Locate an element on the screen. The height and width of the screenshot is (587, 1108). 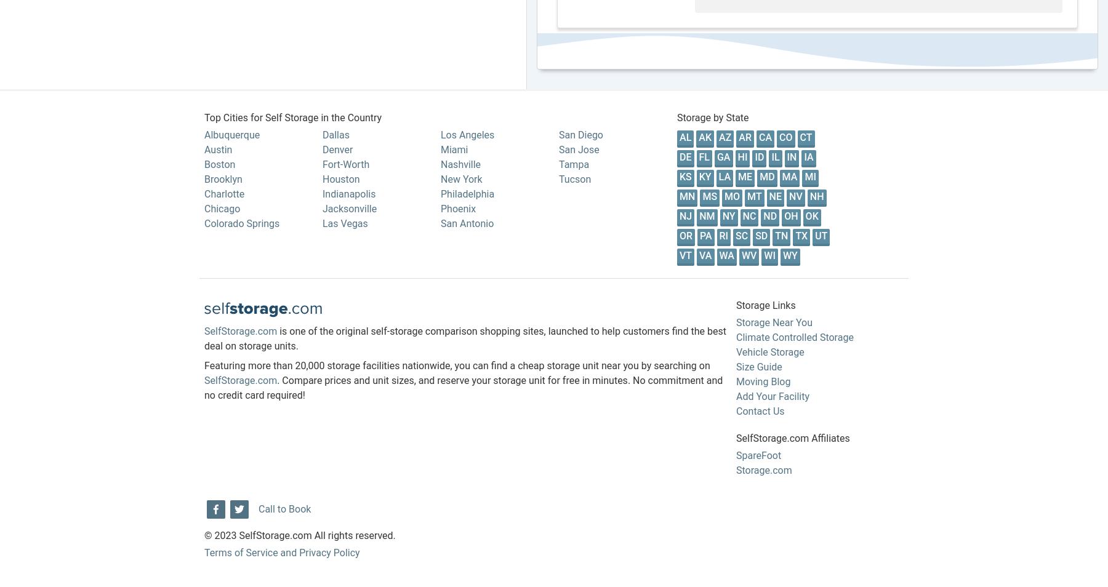
'Dallas' is located at coordinates (335, 134).